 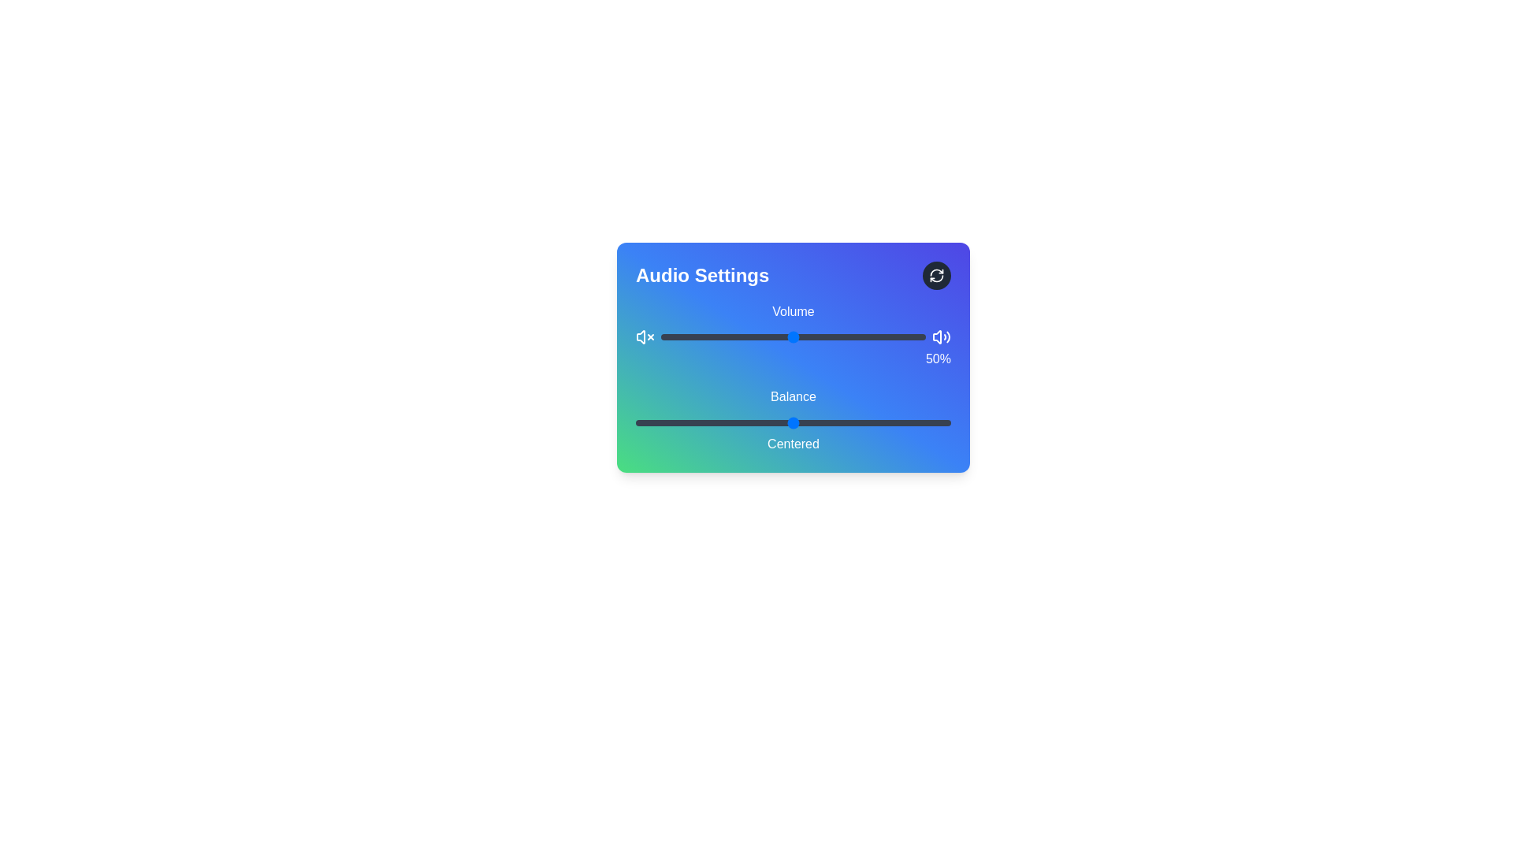 What do you see at coordinates (777, 336) in the screenshot?
I see `the volume slider` at bounding box center [777, 336].